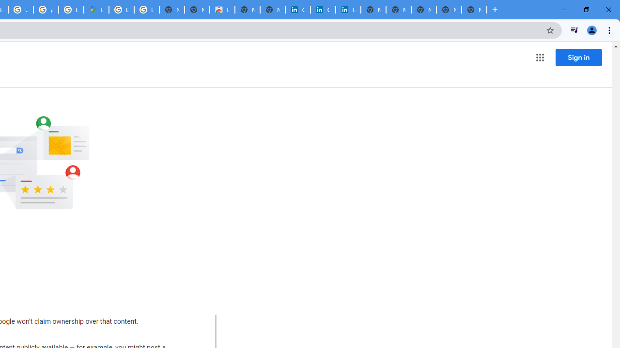 The width and height of the screenshot is (620, 348). I want to click on 'Cookie Policy | LinkedIn', so click(297, 10).